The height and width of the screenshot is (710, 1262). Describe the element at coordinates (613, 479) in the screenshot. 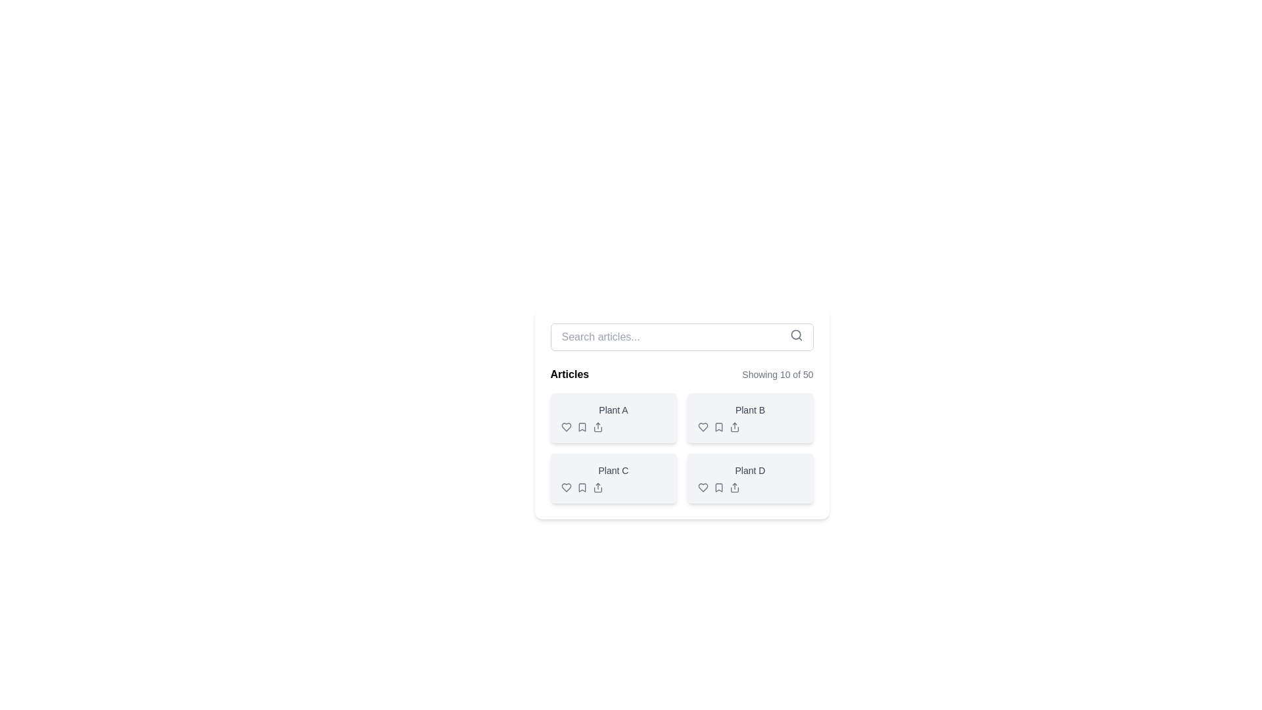

I see `the icons located at the bottom left of the Card UI component labeled 'Plant C', which has a light grey background and rounded corners` at that location.